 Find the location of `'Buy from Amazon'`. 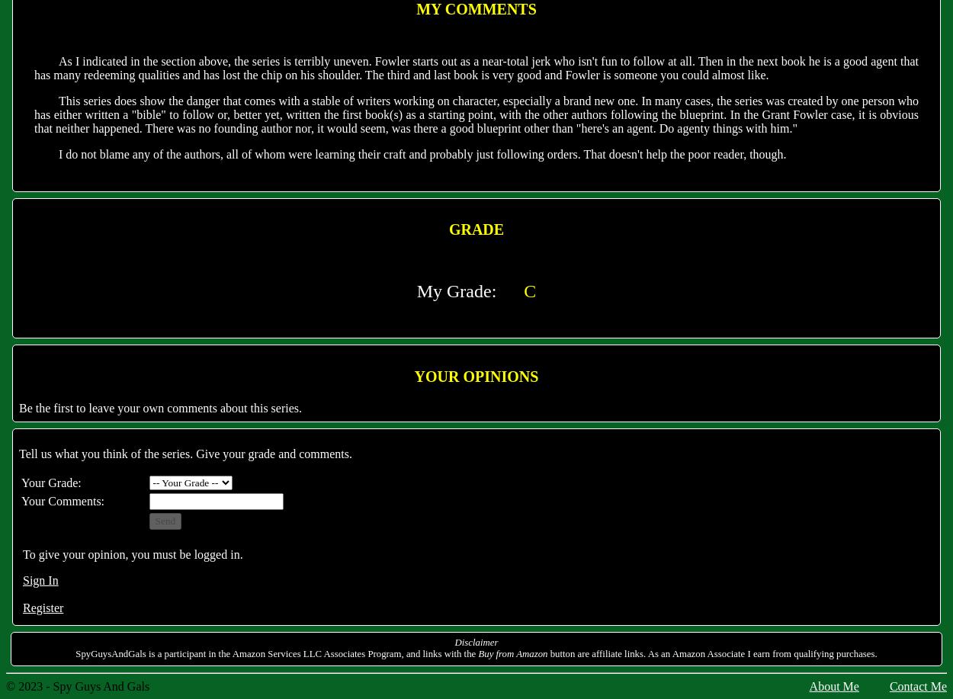

'Buy from Amazon' is located at coordinates (512, 653).